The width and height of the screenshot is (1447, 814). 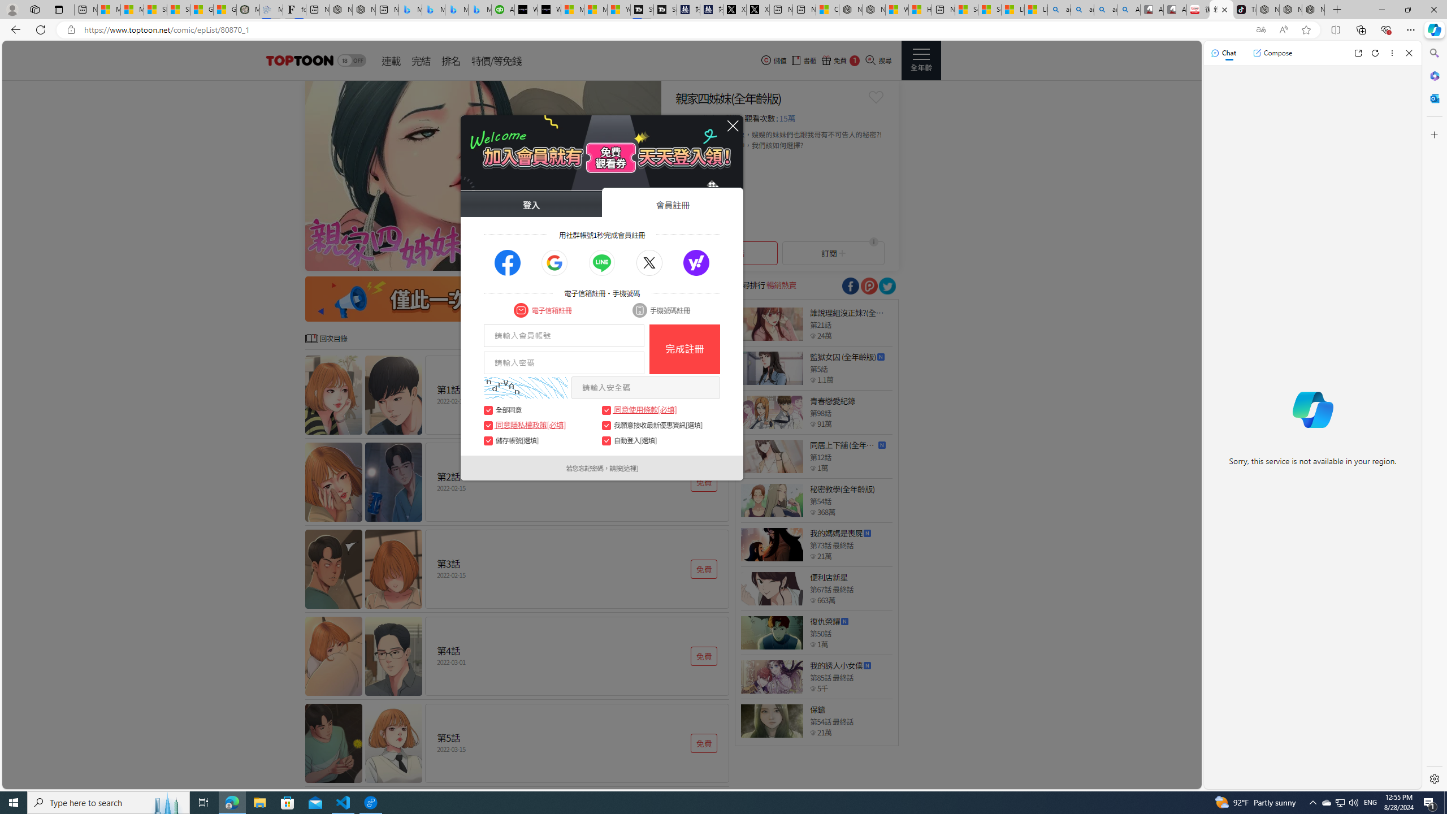 I want to click on 'TikTok', so click(x=1244, y=9).